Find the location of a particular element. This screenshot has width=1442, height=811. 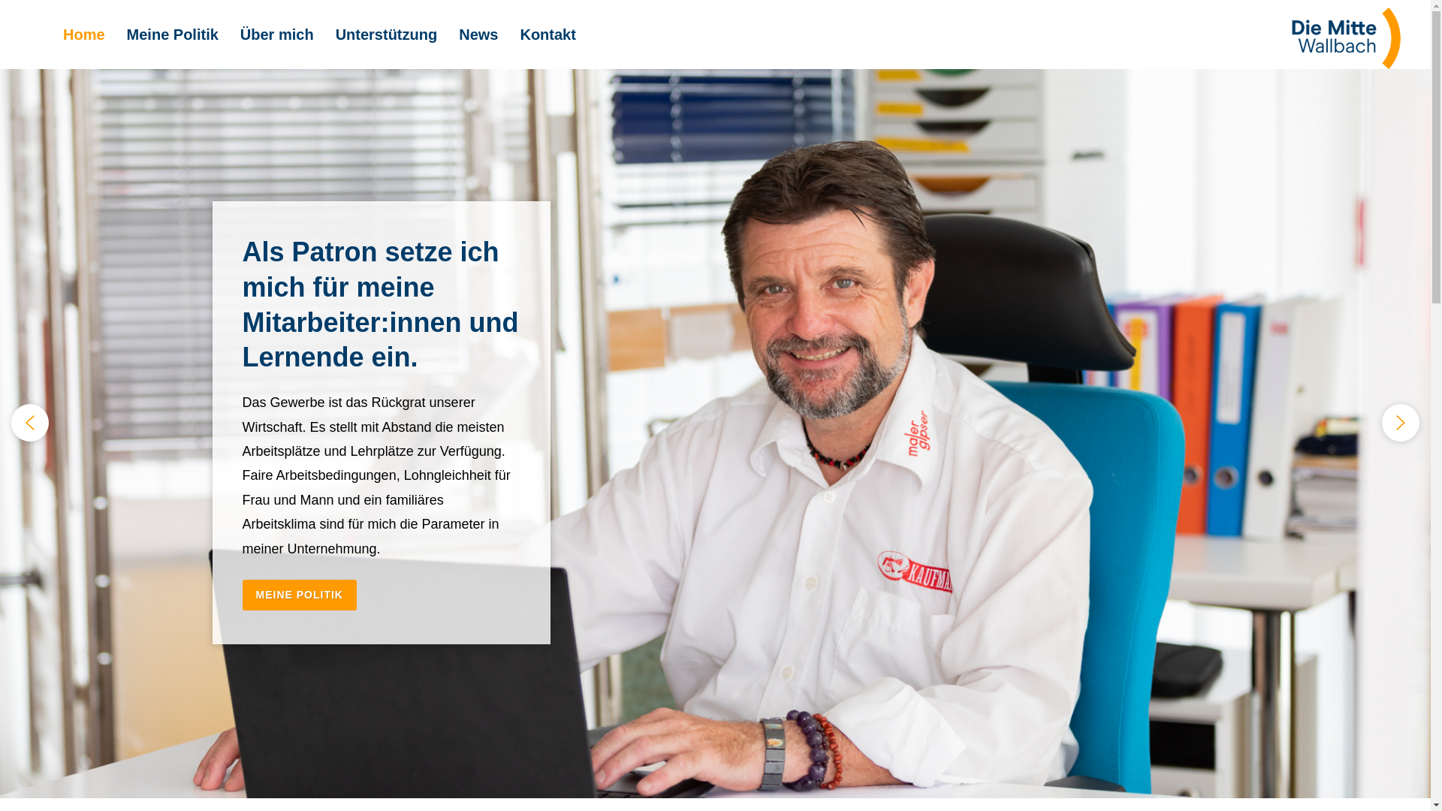

'MEINE POLITIK' is located at coordinates (299, 594).